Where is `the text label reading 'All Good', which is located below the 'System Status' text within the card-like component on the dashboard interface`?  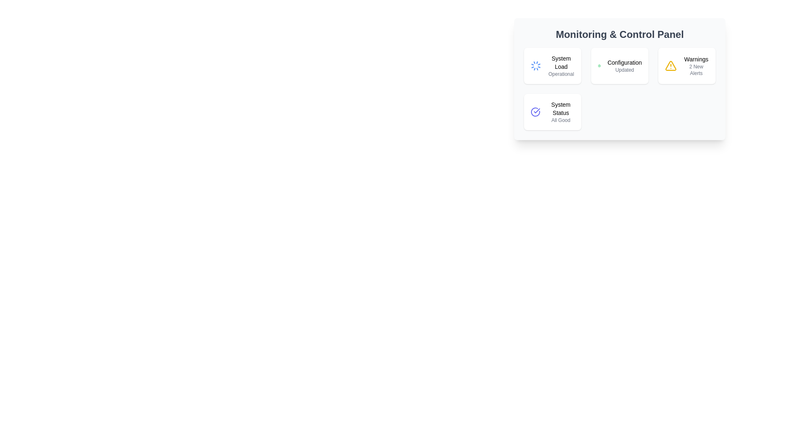
the text label reading 'All Good', which is located below the 'System Status' text within the card-like component on the dashboard interface is located at coordinates (560, 120).